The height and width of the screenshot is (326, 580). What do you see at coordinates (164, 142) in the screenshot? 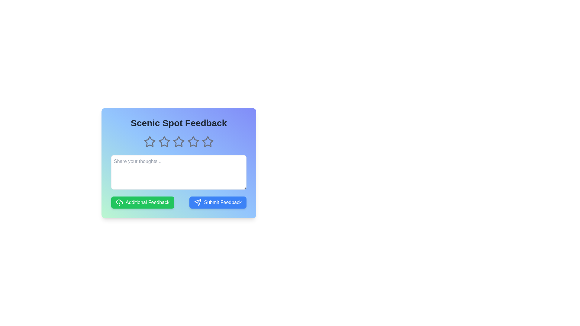
I see `the star corresponding to the desired rating 2` at bounding box center [164, 142].